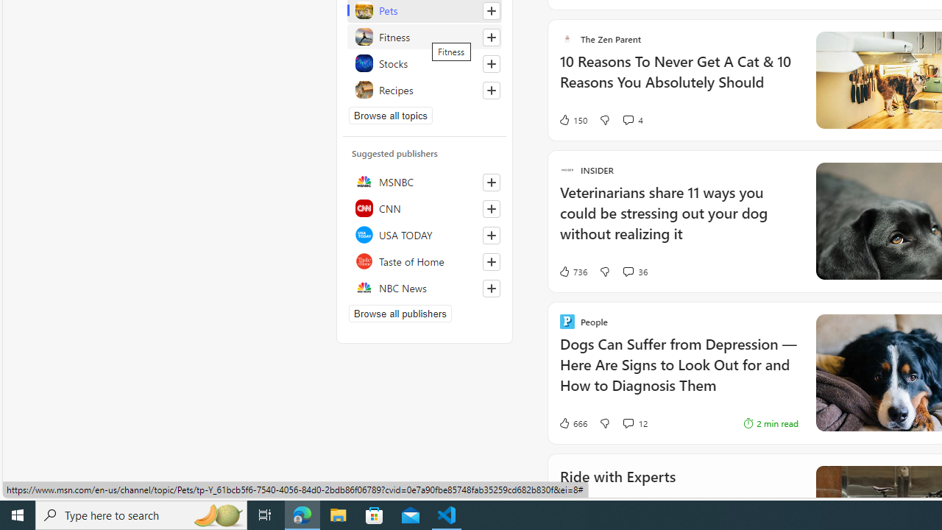 Image resolution: width=942 pixels, height=530 pixels. Describe the element at coordinates (572, 271) in the screenshot. I see `'736 Like'` at that location.